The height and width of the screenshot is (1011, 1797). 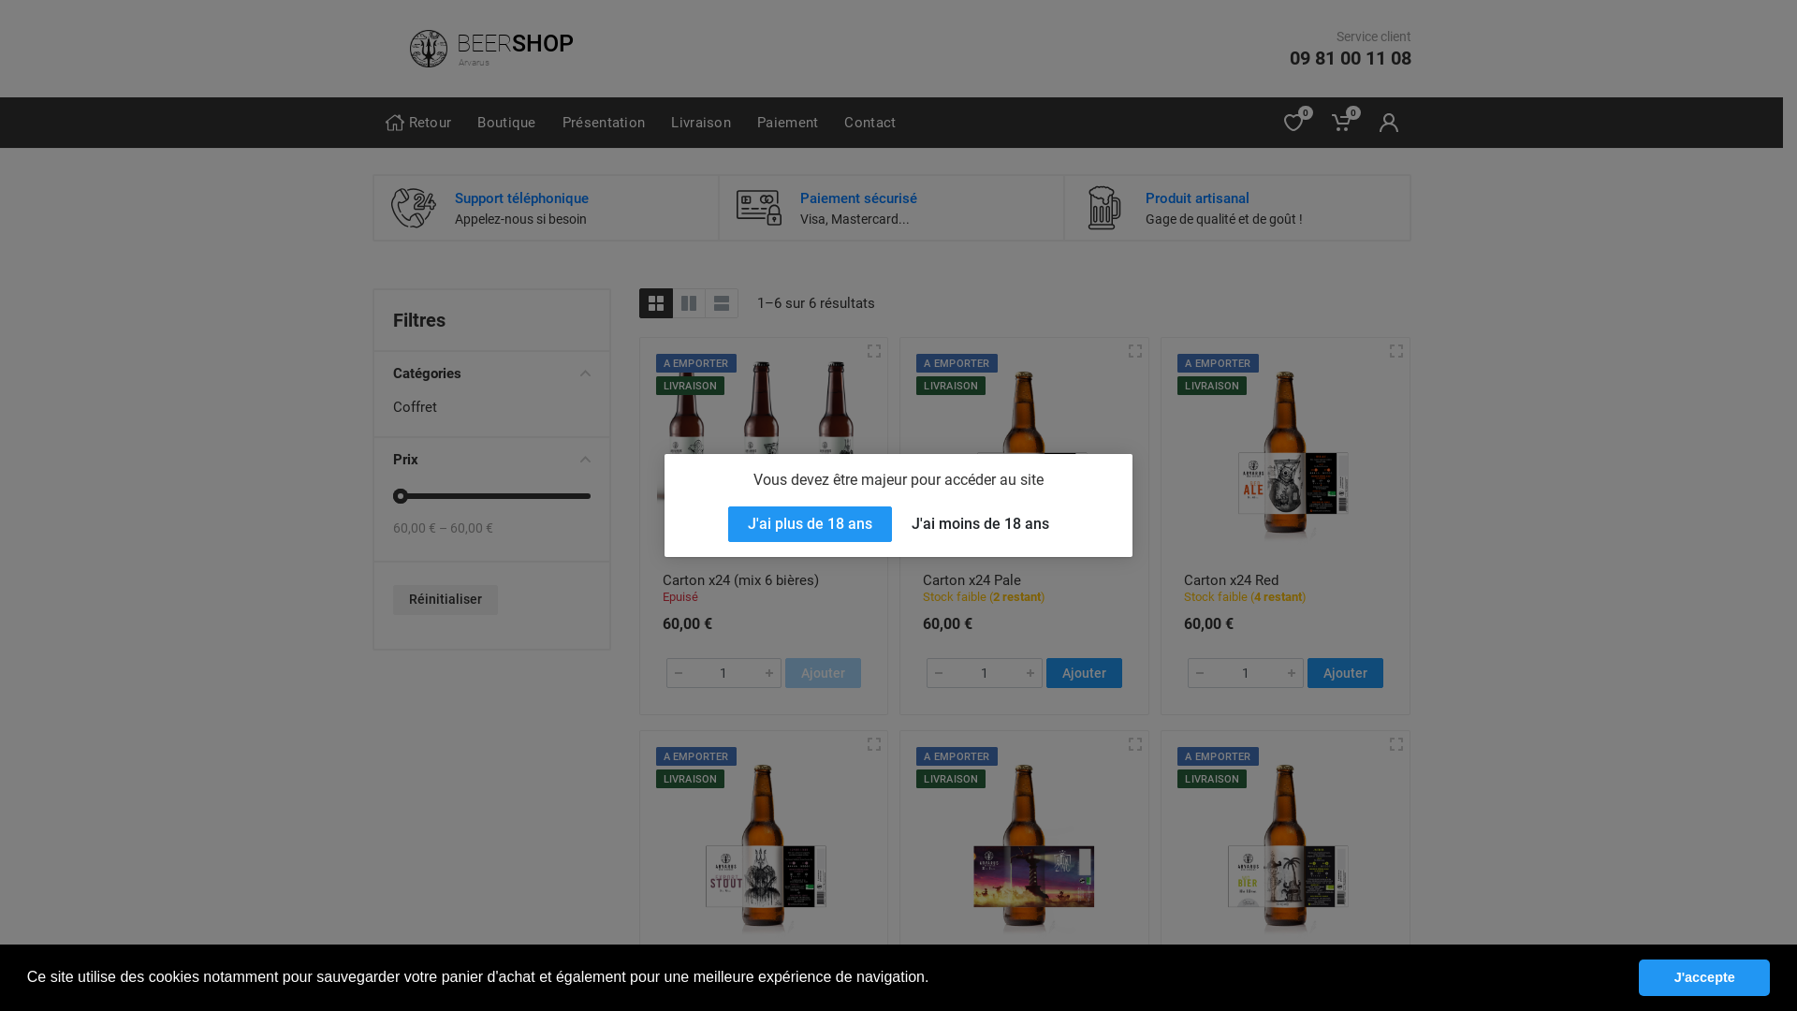 I want to click on 'Boutique', so click(x=463, y=123).